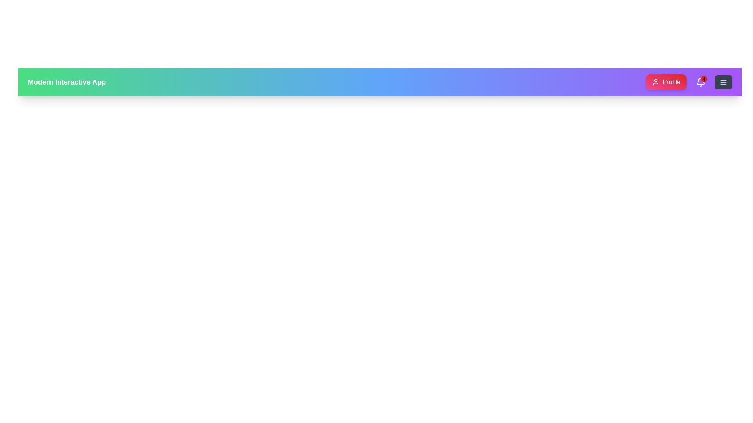 The height and width of the screenshot is (423, 753). I want to click on the bell icon to view notifications, so click(700, 82).